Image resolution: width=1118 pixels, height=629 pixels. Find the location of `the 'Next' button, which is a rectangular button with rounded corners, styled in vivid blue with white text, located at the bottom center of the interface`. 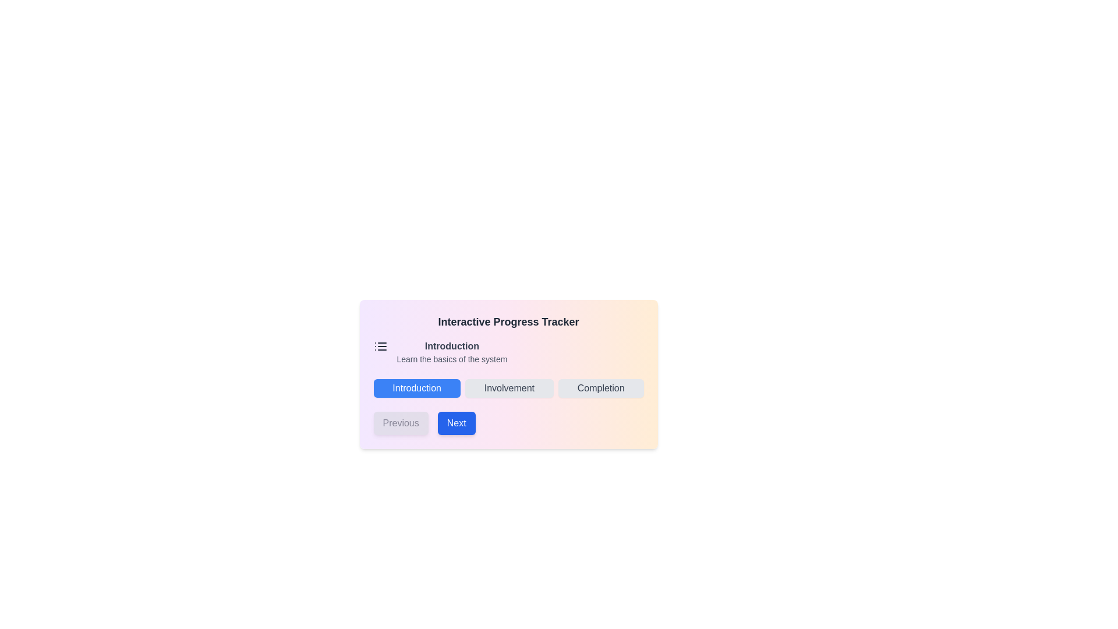

the 'Next' button, which is a rectangular button with rounded corners, styled in vivid blue with white text, located at the bottom center of the interface is located at coordinates (456, 423).